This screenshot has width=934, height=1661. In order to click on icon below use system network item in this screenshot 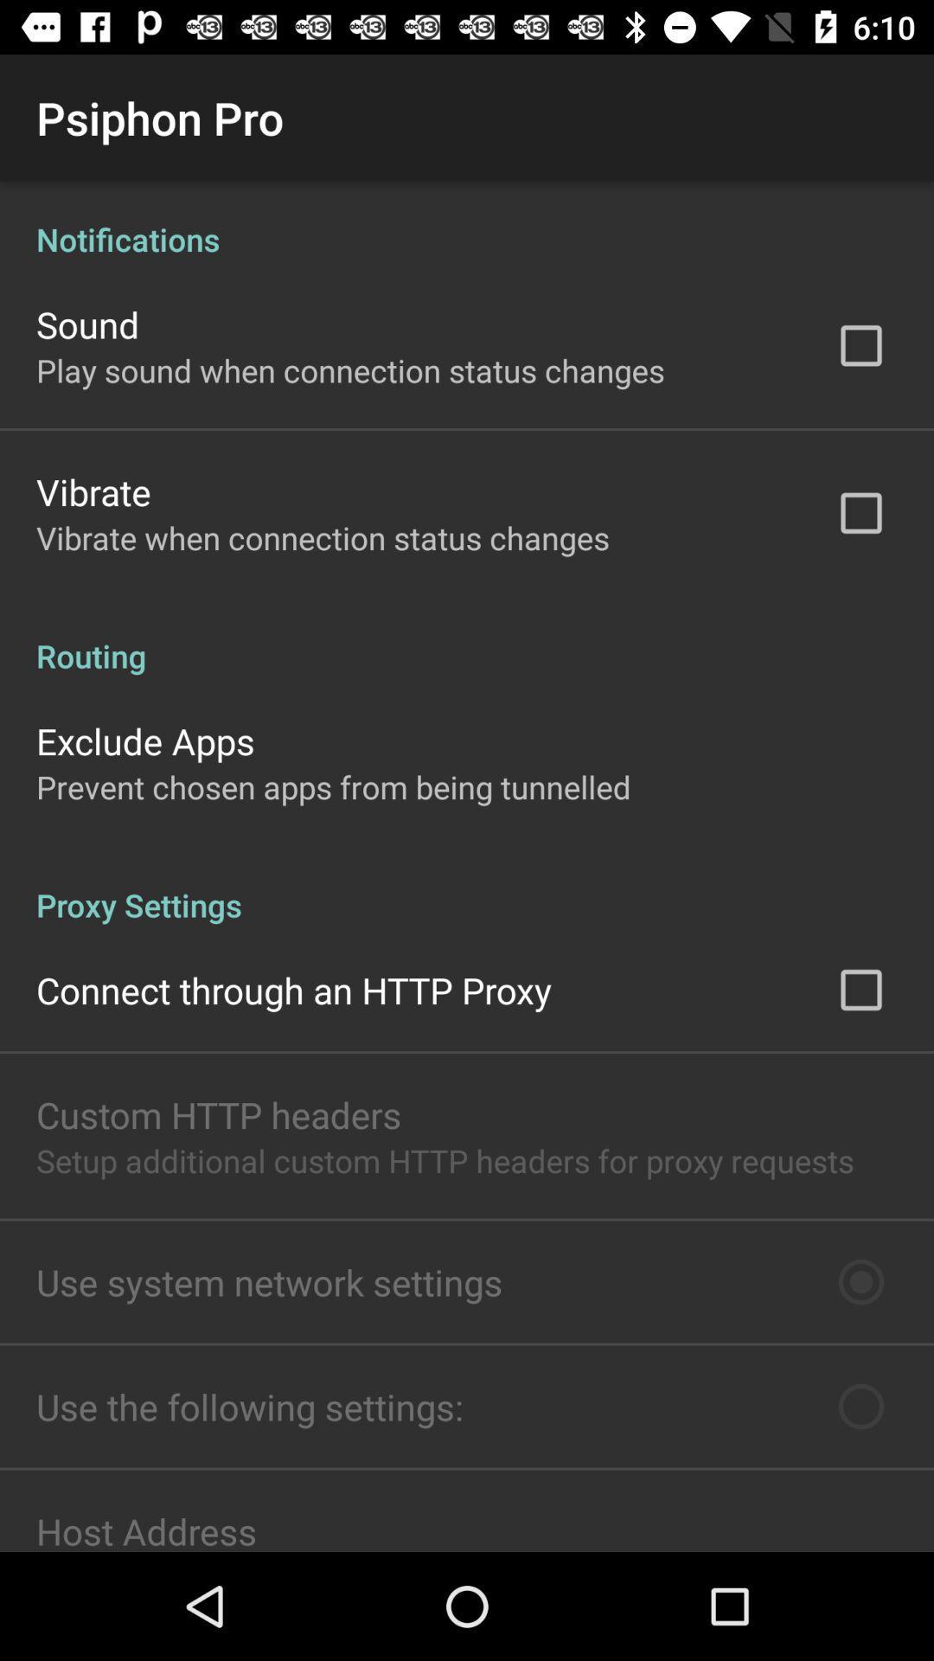, I will do `click(250, 1407)`.